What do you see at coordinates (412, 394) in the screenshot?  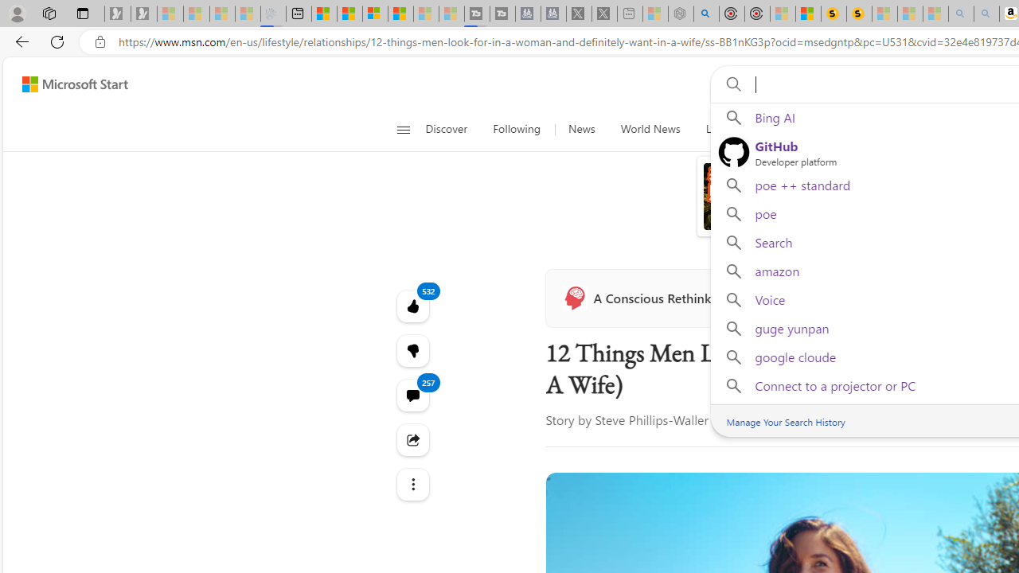 I see `'View comments 257 Comment'` at bounding box center [412, 394].